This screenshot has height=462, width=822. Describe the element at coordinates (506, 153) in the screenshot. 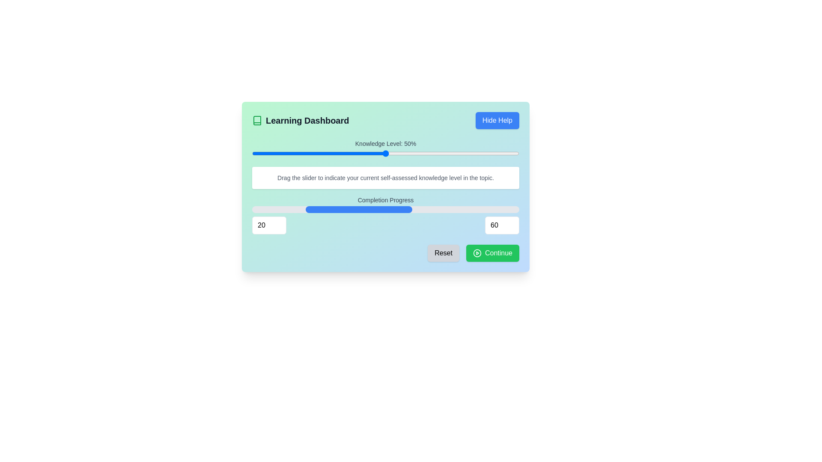

I see `the knowledge level` at that location.